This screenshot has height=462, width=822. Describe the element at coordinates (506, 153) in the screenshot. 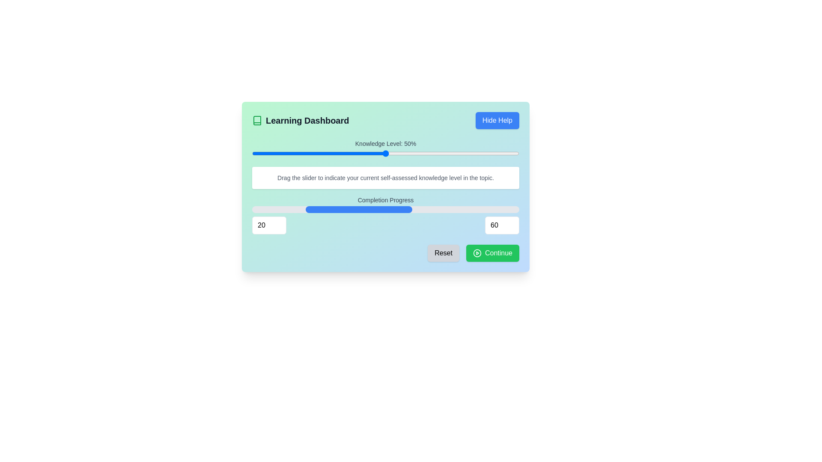

I see `the knowledge level` at that location.